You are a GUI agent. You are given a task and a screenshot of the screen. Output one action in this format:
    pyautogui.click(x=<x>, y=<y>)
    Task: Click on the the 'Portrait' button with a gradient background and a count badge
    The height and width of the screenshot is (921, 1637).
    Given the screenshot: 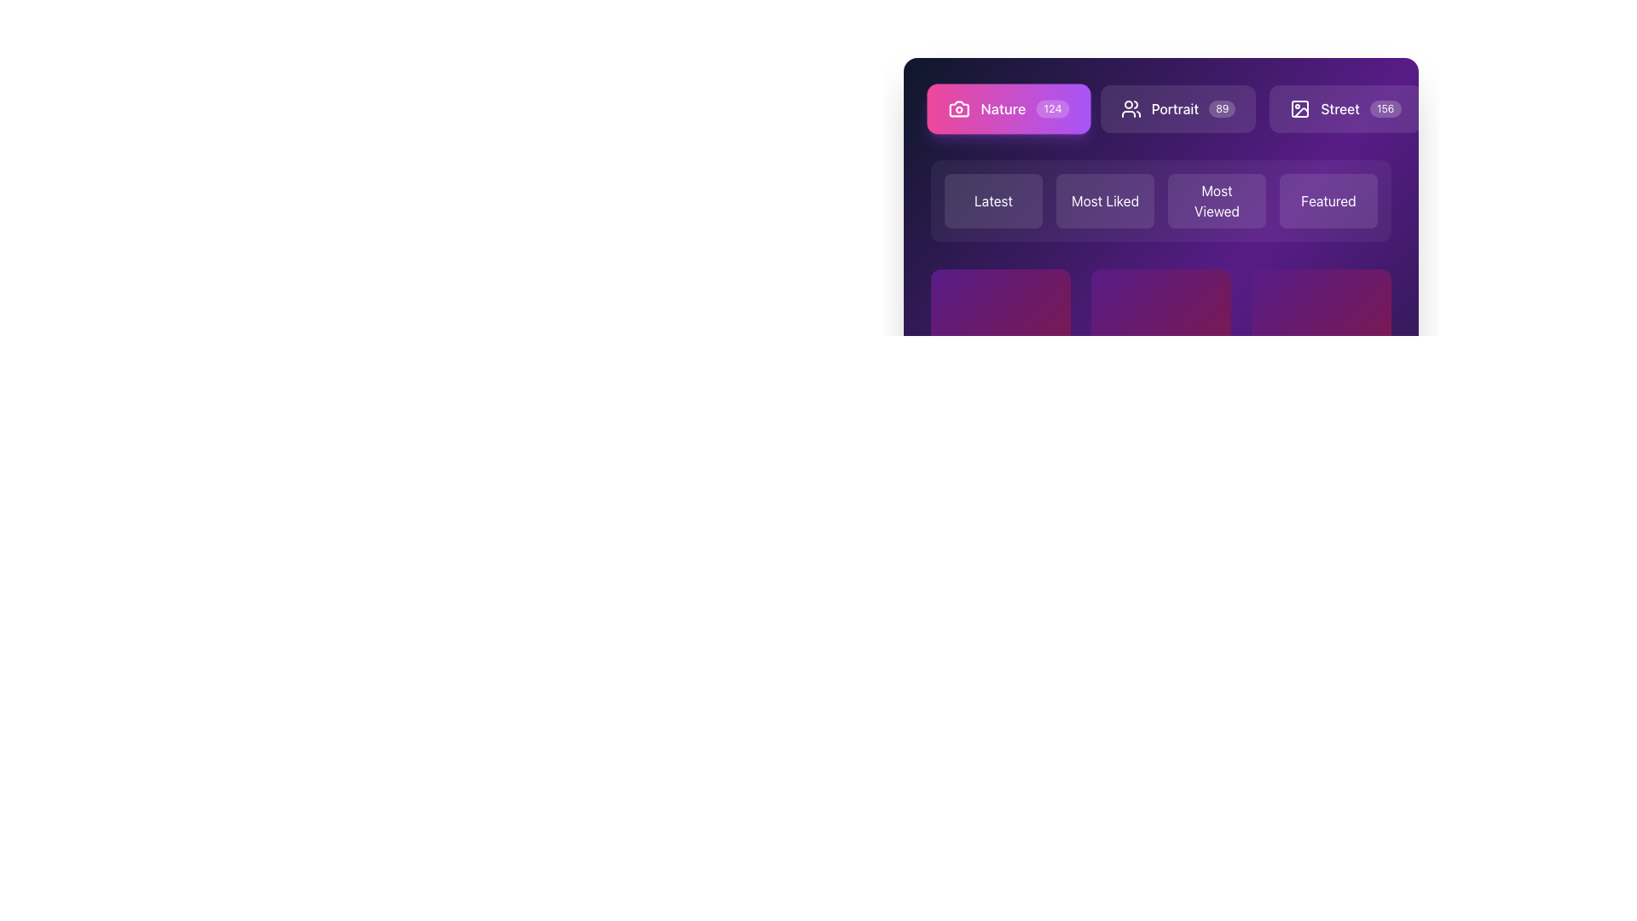 What is the action you would take?
    pyautogui.click(x=1160, y=108)
    